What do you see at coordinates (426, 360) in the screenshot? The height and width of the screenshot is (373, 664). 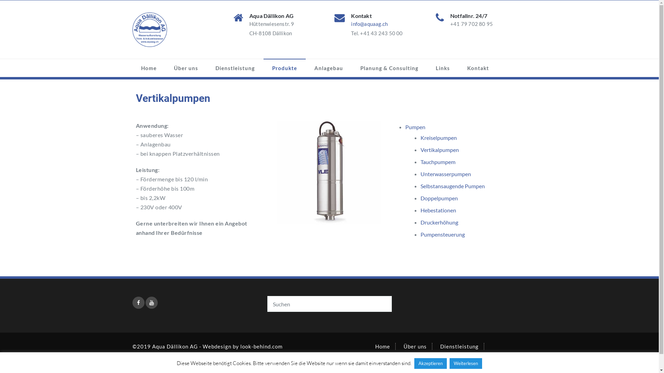 I see `'Anlagebau'` at bounding box center [426, 360].